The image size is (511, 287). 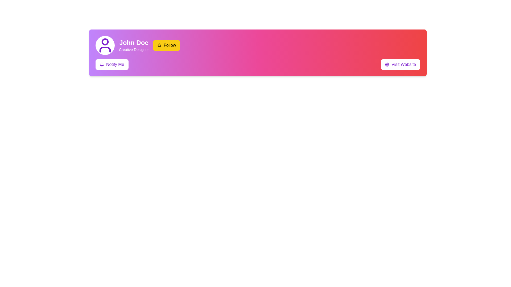 I want to click on the bell icon with a purple outline, which is positioned on the left side of the 'Notify Me' button, so click(x=102, y=64).